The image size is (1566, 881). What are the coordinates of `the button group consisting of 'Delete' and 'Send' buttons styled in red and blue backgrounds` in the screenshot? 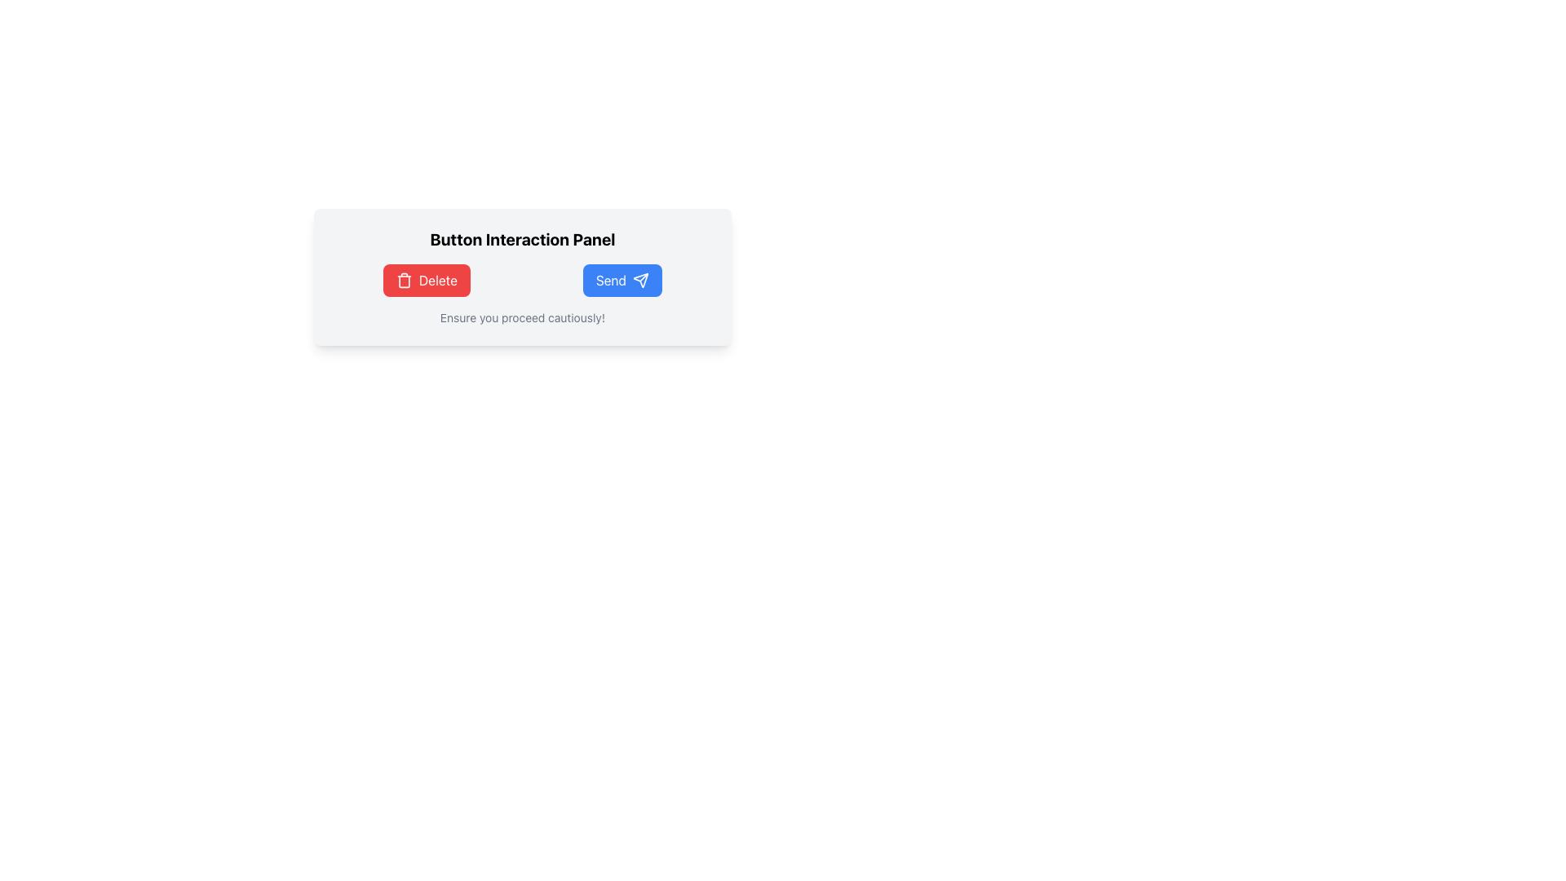 It's located at (523, 279).